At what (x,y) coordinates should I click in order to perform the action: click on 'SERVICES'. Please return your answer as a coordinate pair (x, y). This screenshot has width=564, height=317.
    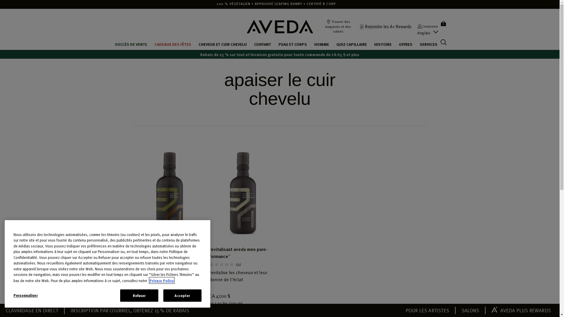
    Looking at the image, I should click on (429, 44).